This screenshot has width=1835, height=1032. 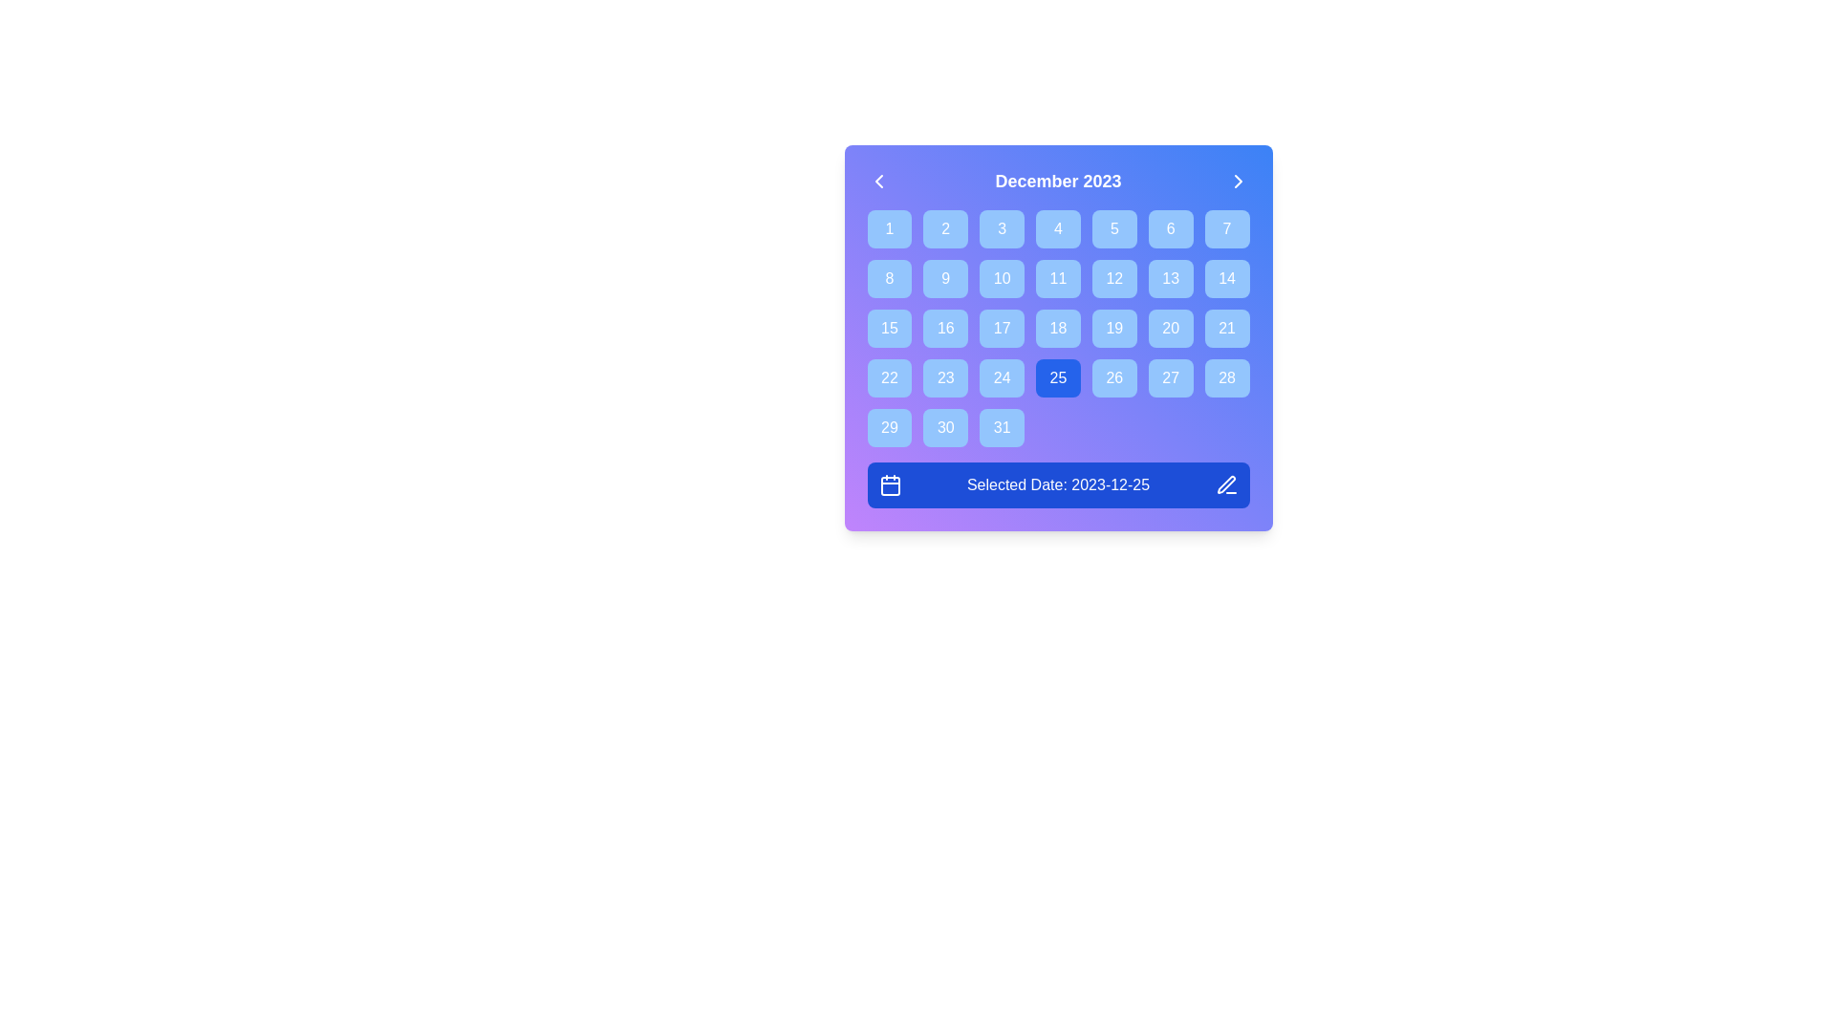 What do you see at coordinates (1001, 378) in the screenshot?
I see `the rounded rectangular button labeled '24' with a light blue background` at bounding box center [1001, 378].